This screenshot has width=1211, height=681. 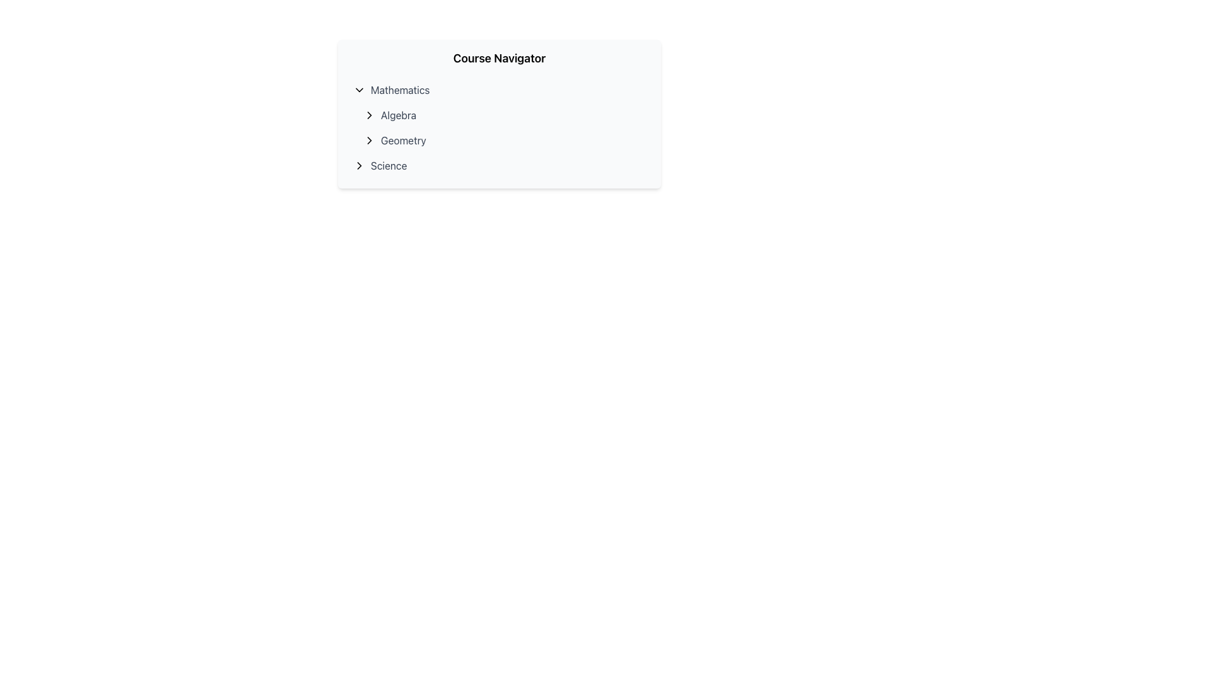 What do you see at coordinates (388, 165) in the screenshot?
I see `the 'Science' text label in the Course Navigator section` at bounding box center [388, 165].